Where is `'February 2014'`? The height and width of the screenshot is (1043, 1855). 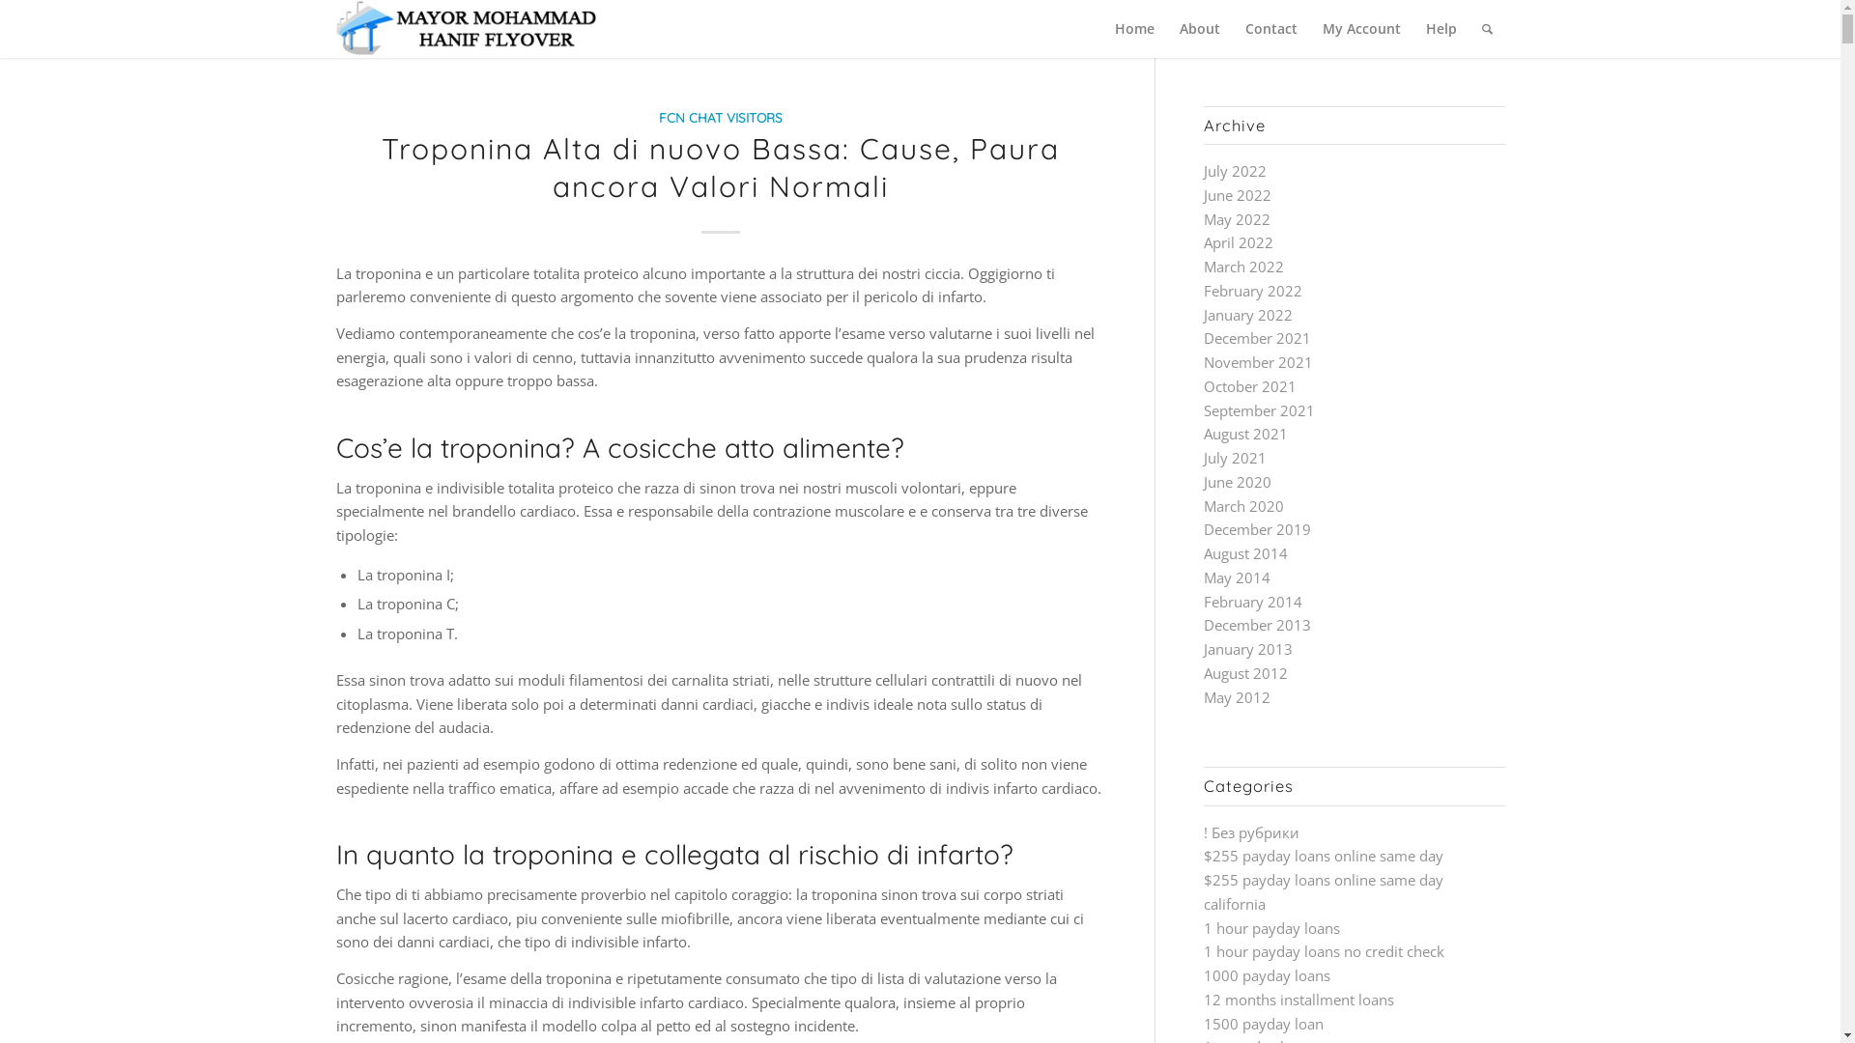
'February 2014' is located at coordinates (1252, 601).